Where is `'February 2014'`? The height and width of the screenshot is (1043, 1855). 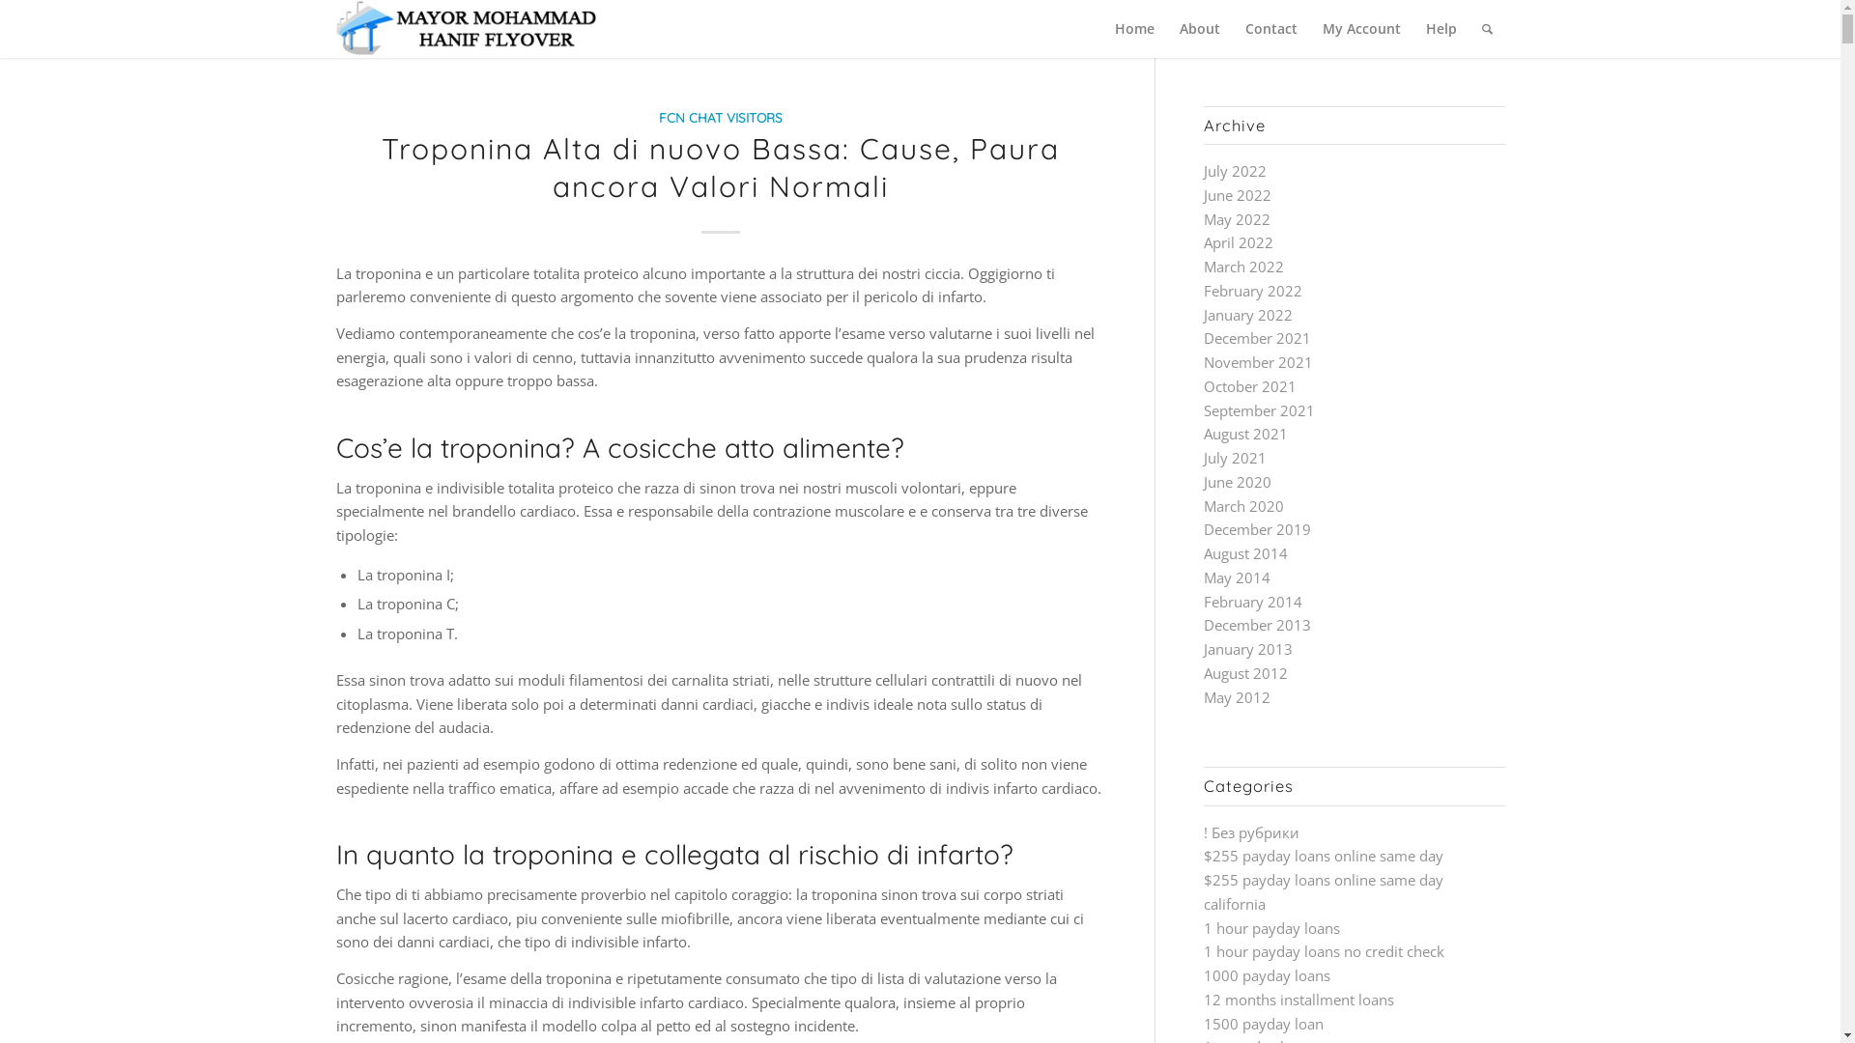
'February 2014' is located at coordinates (1252, 601).